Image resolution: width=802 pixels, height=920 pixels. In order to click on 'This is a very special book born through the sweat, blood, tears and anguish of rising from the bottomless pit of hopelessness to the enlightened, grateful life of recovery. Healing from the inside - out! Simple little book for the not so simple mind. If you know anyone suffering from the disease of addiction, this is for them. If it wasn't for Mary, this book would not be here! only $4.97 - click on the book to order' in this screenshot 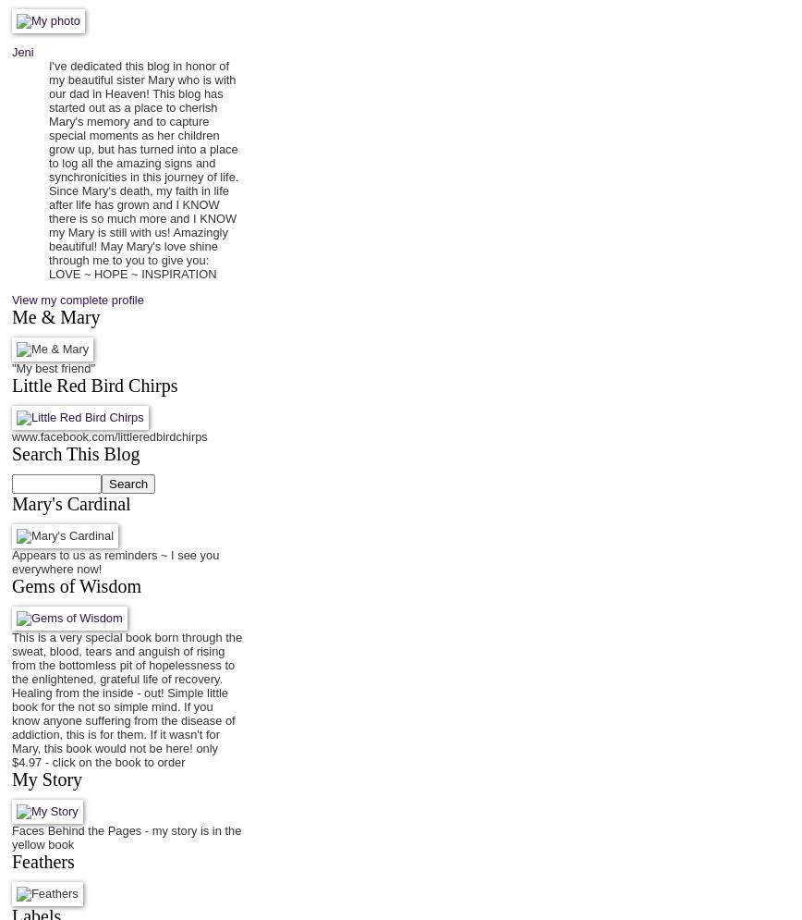, I will do `click(127, 698)`.